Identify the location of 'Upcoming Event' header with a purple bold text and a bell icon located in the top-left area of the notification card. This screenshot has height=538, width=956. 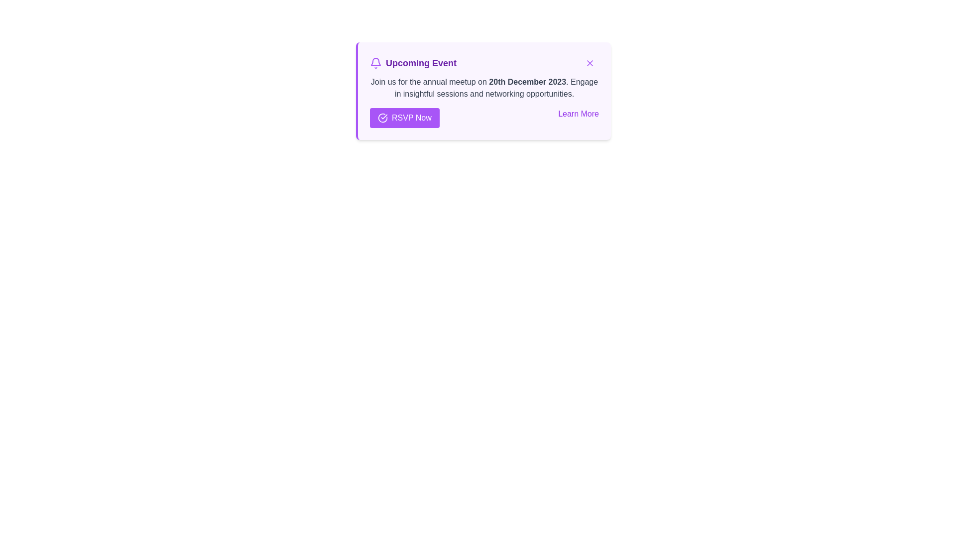
(413, 63).